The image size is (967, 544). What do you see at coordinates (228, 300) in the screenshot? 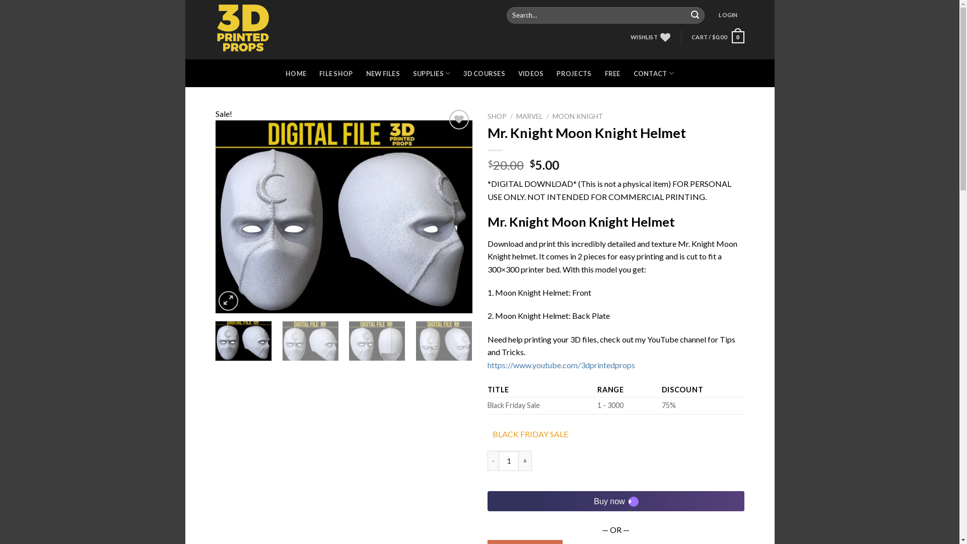
I see `'Zoom'` at bounding box center [228, 300].